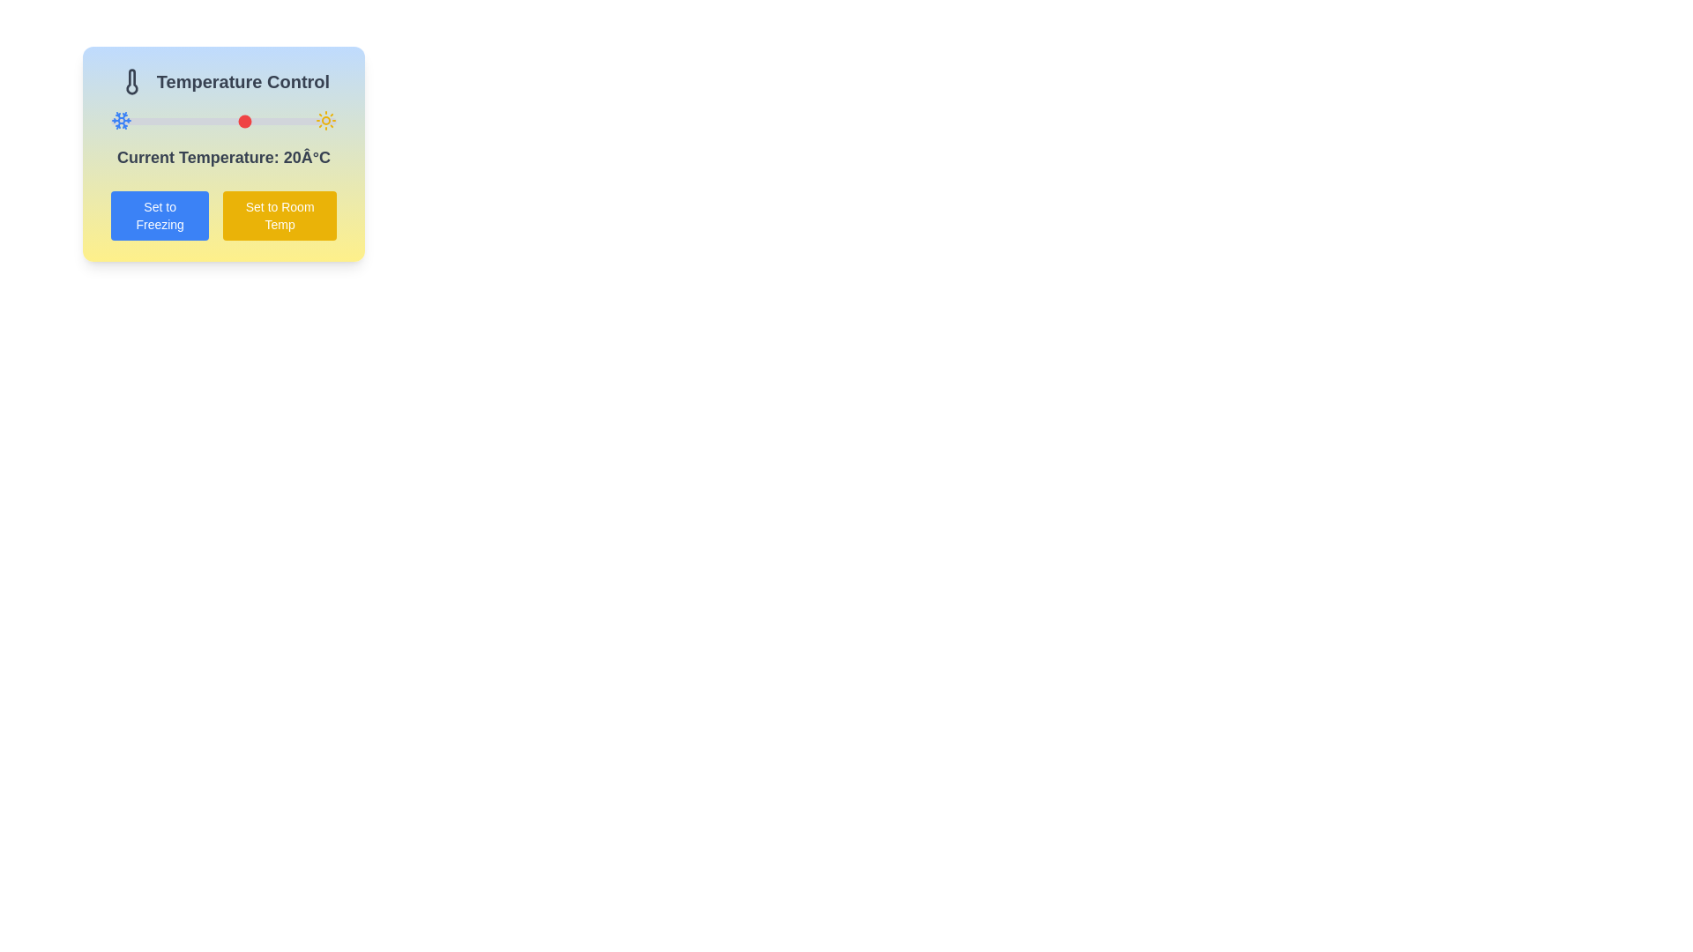 Image resolution: width=1693 pixels, height=952 pixels. Describe the element at coordinates (223, 81) in the screenshot. I see `the header with icon and text indicating temperature control to check its tooltip` at that location.